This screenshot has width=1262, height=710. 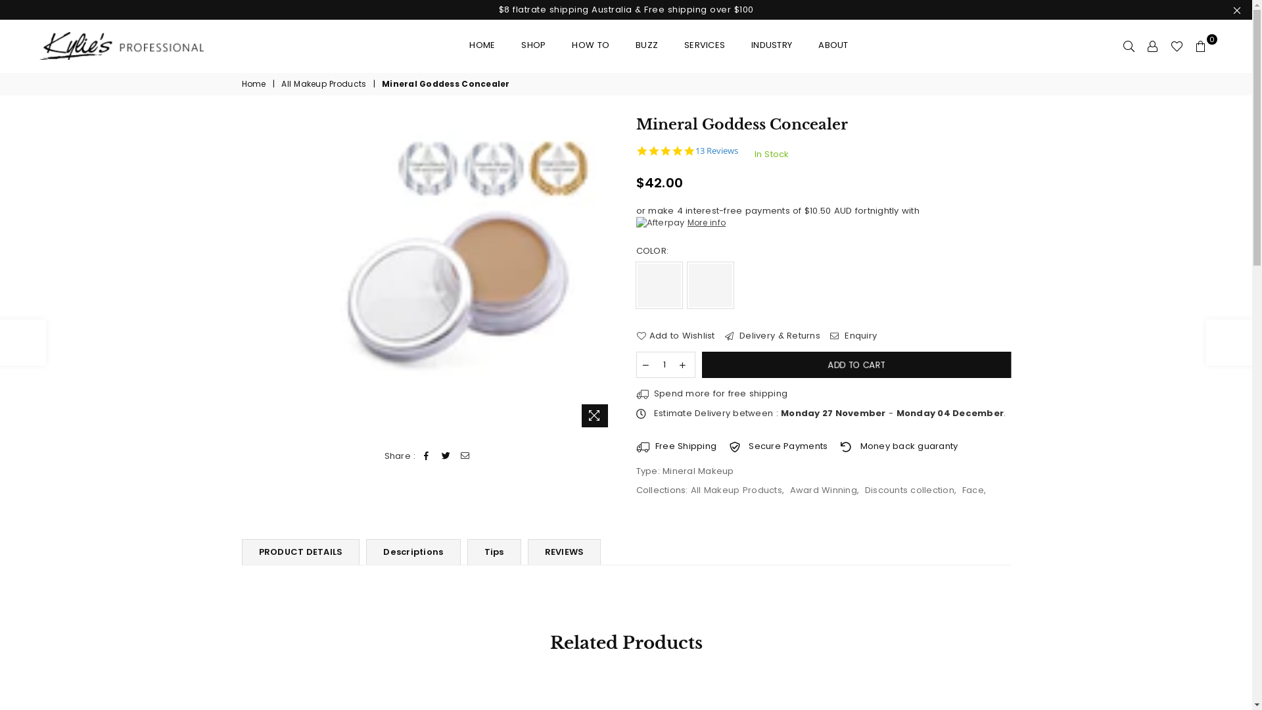 What do you see at coordinates (716, 151) in the screenshot?
I see `'13 Reviews'` at bounding box center [716, 151].